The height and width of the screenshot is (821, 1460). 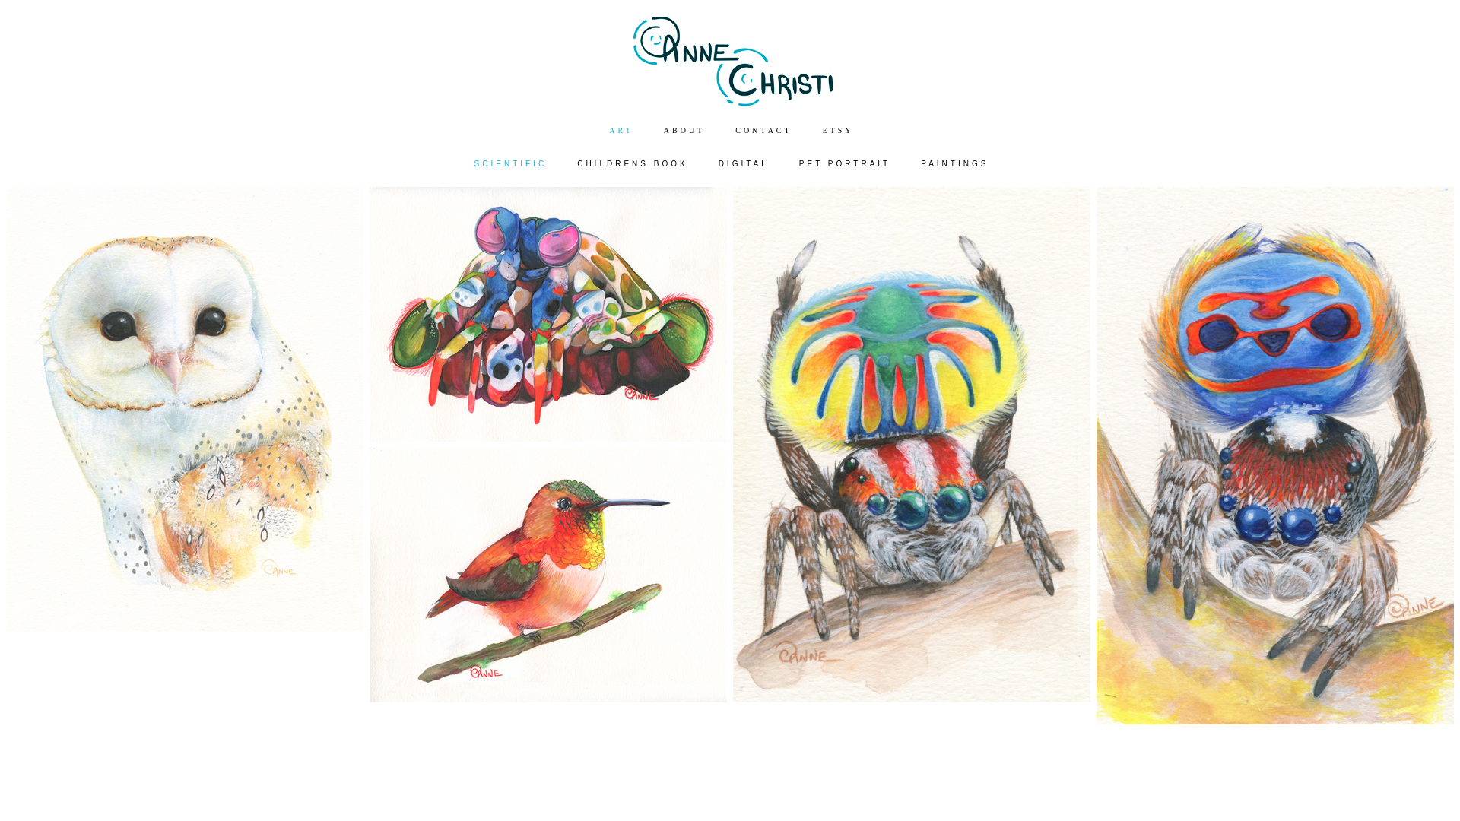 What do you see at coordinates (632, 164) in the screenshot?
I see `'CHILDRENS BOOK'` at bounding box center [632, 164].